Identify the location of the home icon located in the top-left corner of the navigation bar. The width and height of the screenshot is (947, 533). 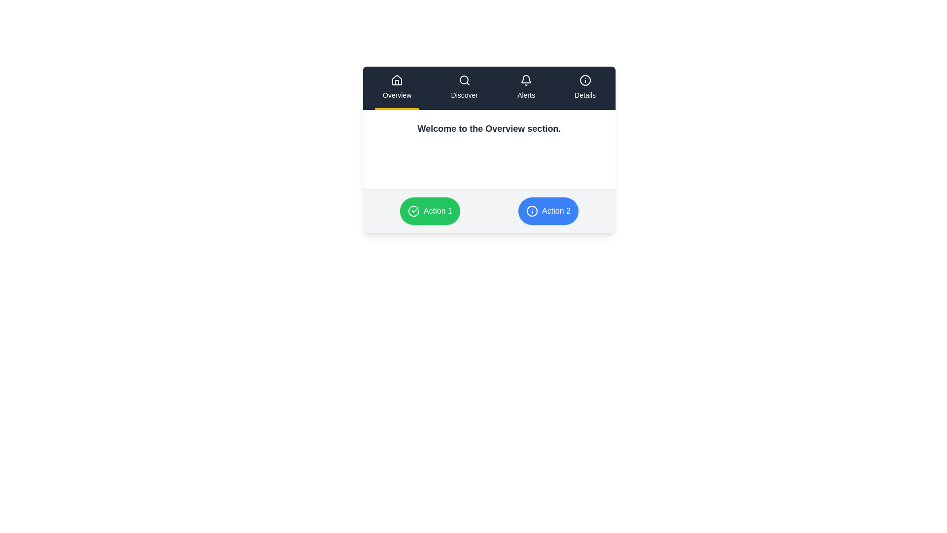
(397, 82).